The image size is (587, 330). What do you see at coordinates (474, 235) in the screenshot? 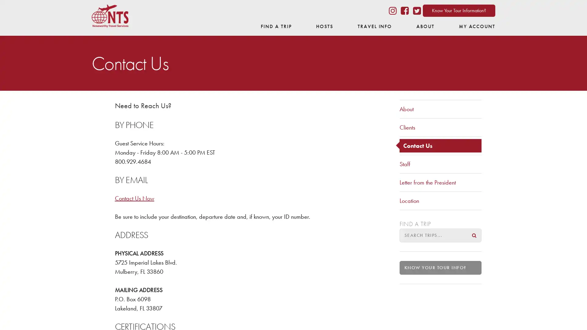
I see `SEARCH` at bounding box center [474, 235].